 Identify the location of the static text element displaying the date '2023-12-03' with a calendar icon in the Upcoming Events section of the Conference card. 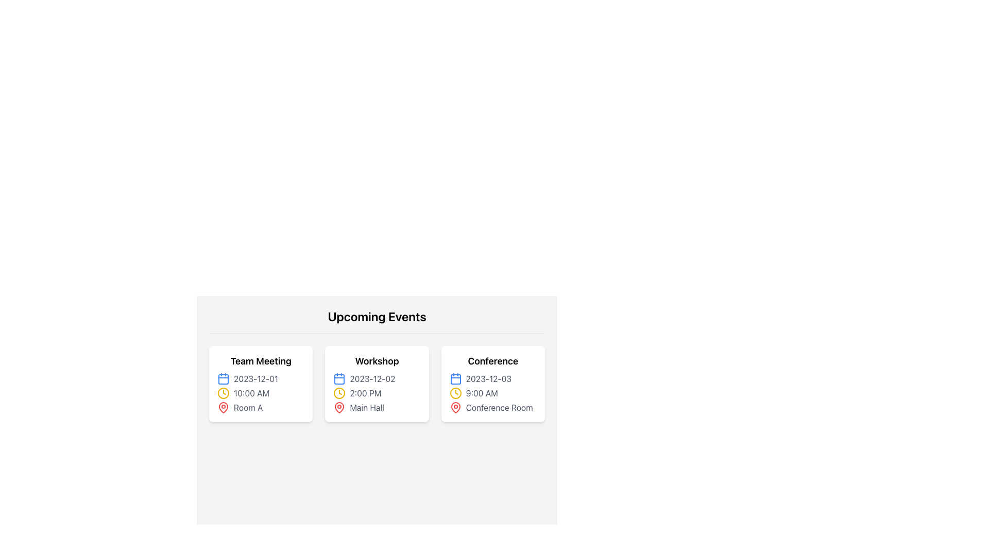
(492, 379).